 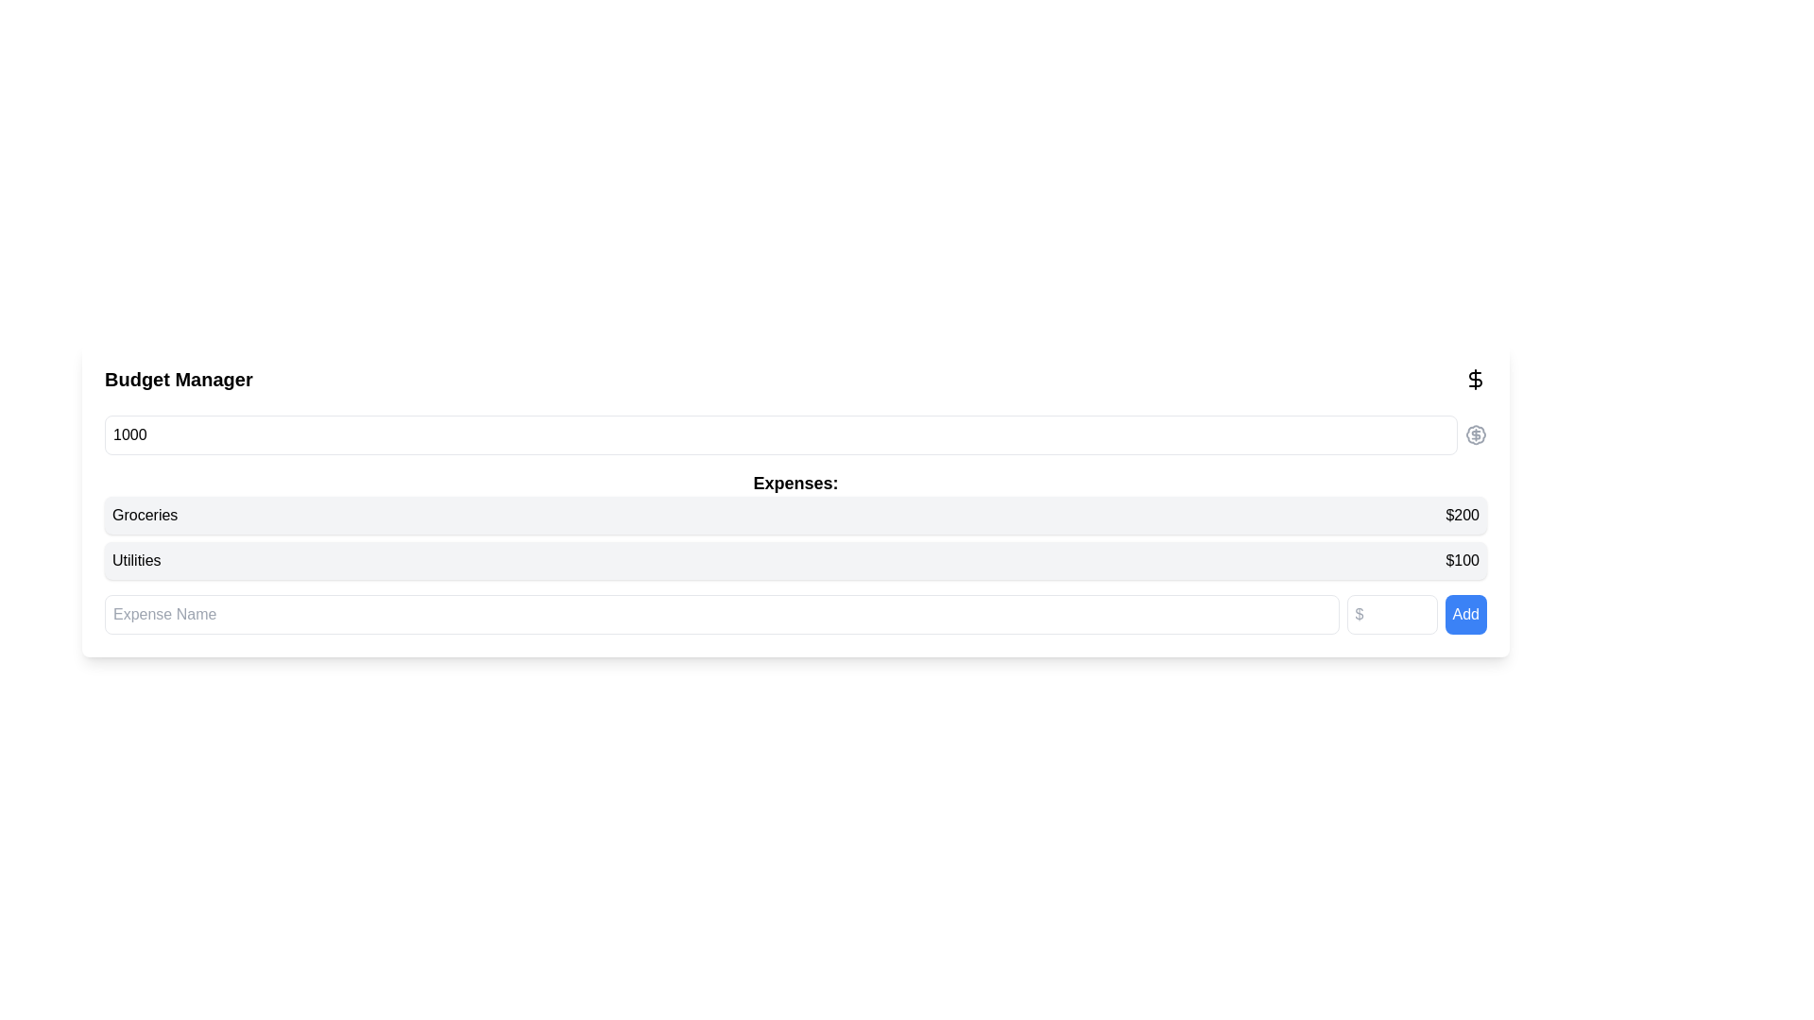 What do you see at coordinates (796, 560) in the screenshot?
I see `information displayed in the row element labeled 'Utilities' with a light gray background and showing the amount '$100', which is the second row under the 'Expenses' category` at bounding box center [796, 560].